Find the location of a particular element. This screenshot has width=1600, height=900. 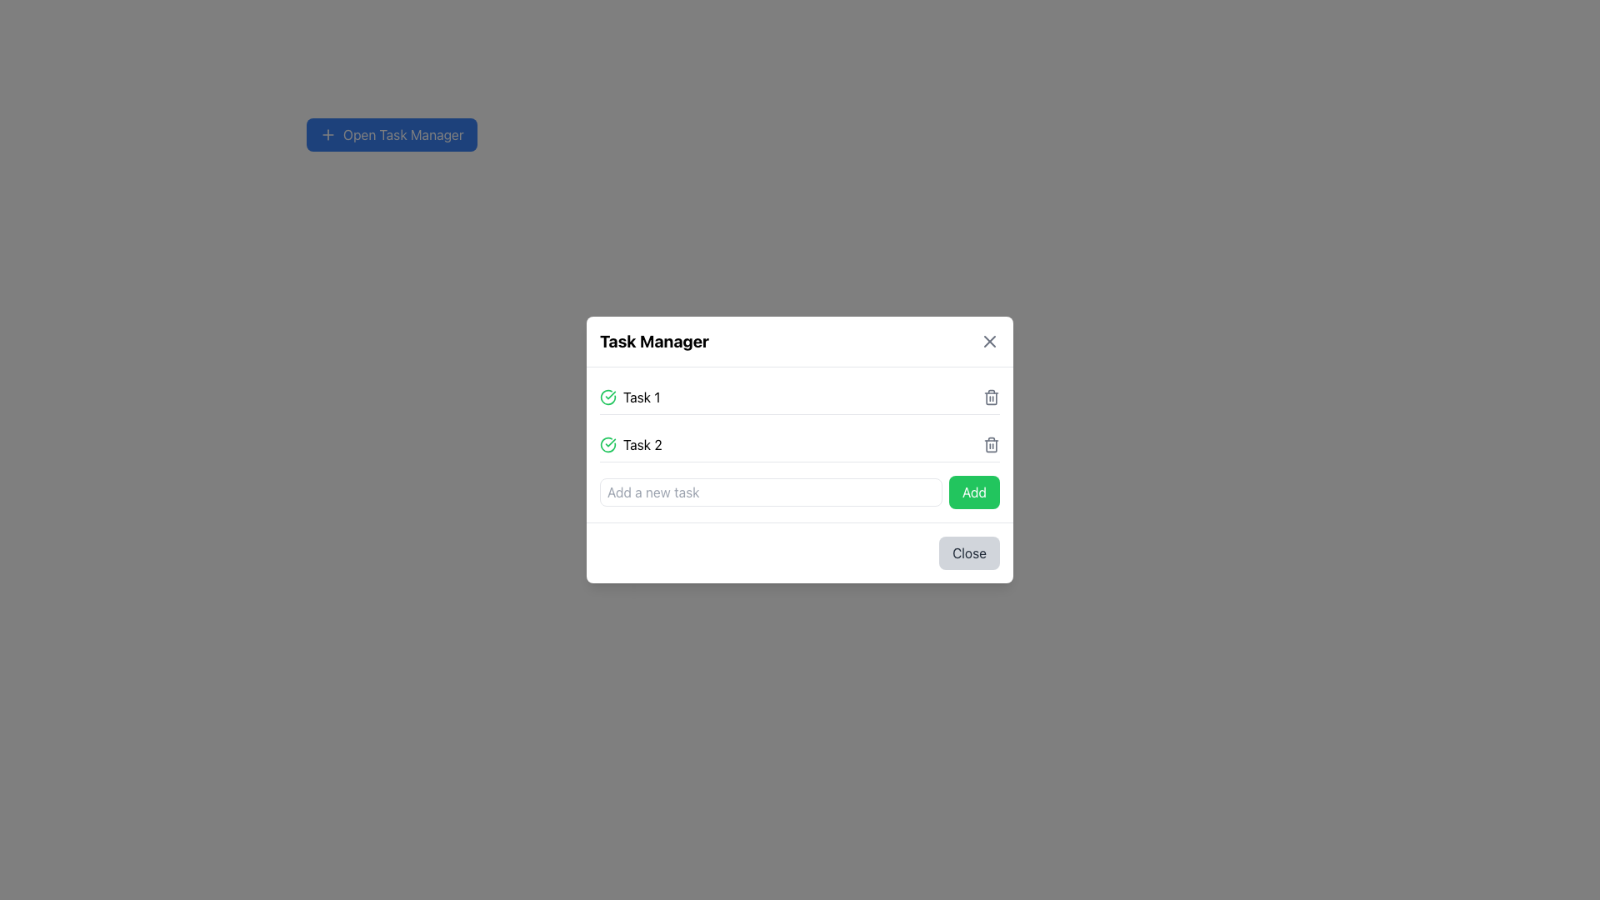

the circular graphic component resembling a progress indicator located inside the checkmark icon next to the label 'Task 2' in the task manager dialog is located at coordinates (607, 397).